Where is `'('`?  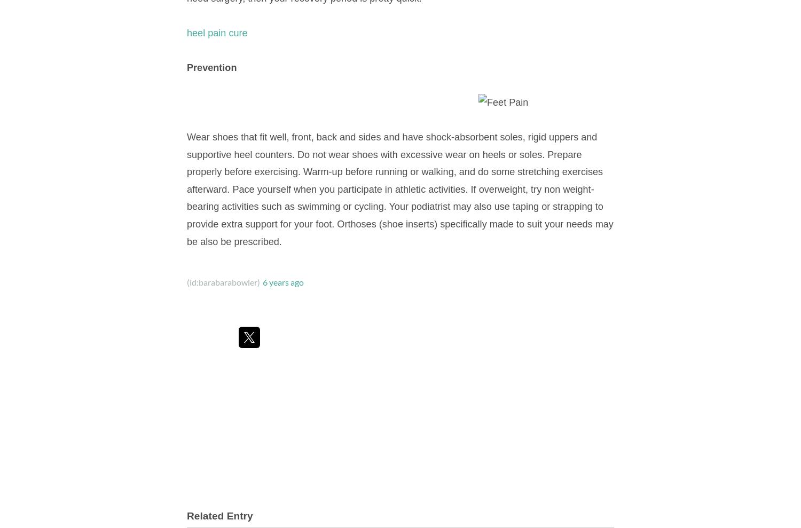
'(' is located at coordinates (186, 282).